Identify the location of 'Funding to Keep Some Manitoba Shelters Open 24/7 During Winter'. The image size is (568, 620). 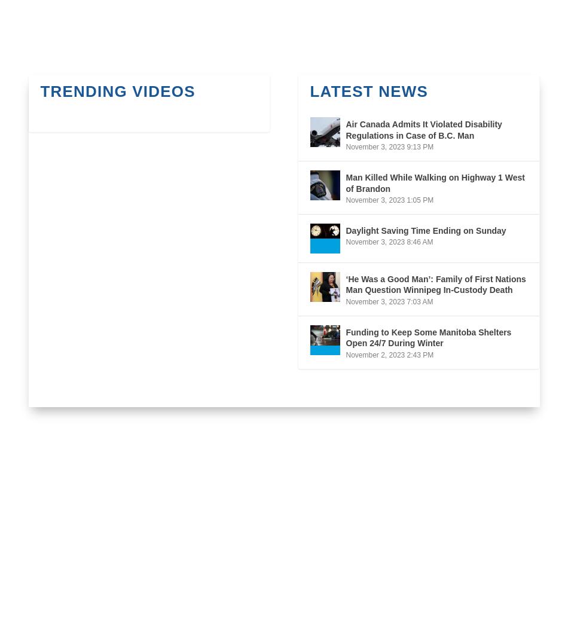
(427, 337).